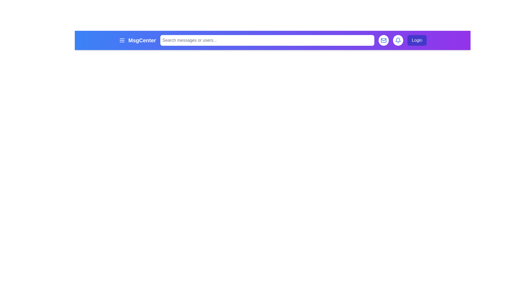 This screenshot has height=289, width=513. What do you see at coordinates (267, 40) in the screenshot?
I see `the search bar and type the text 'search query'` at bounding box center [267, 40].